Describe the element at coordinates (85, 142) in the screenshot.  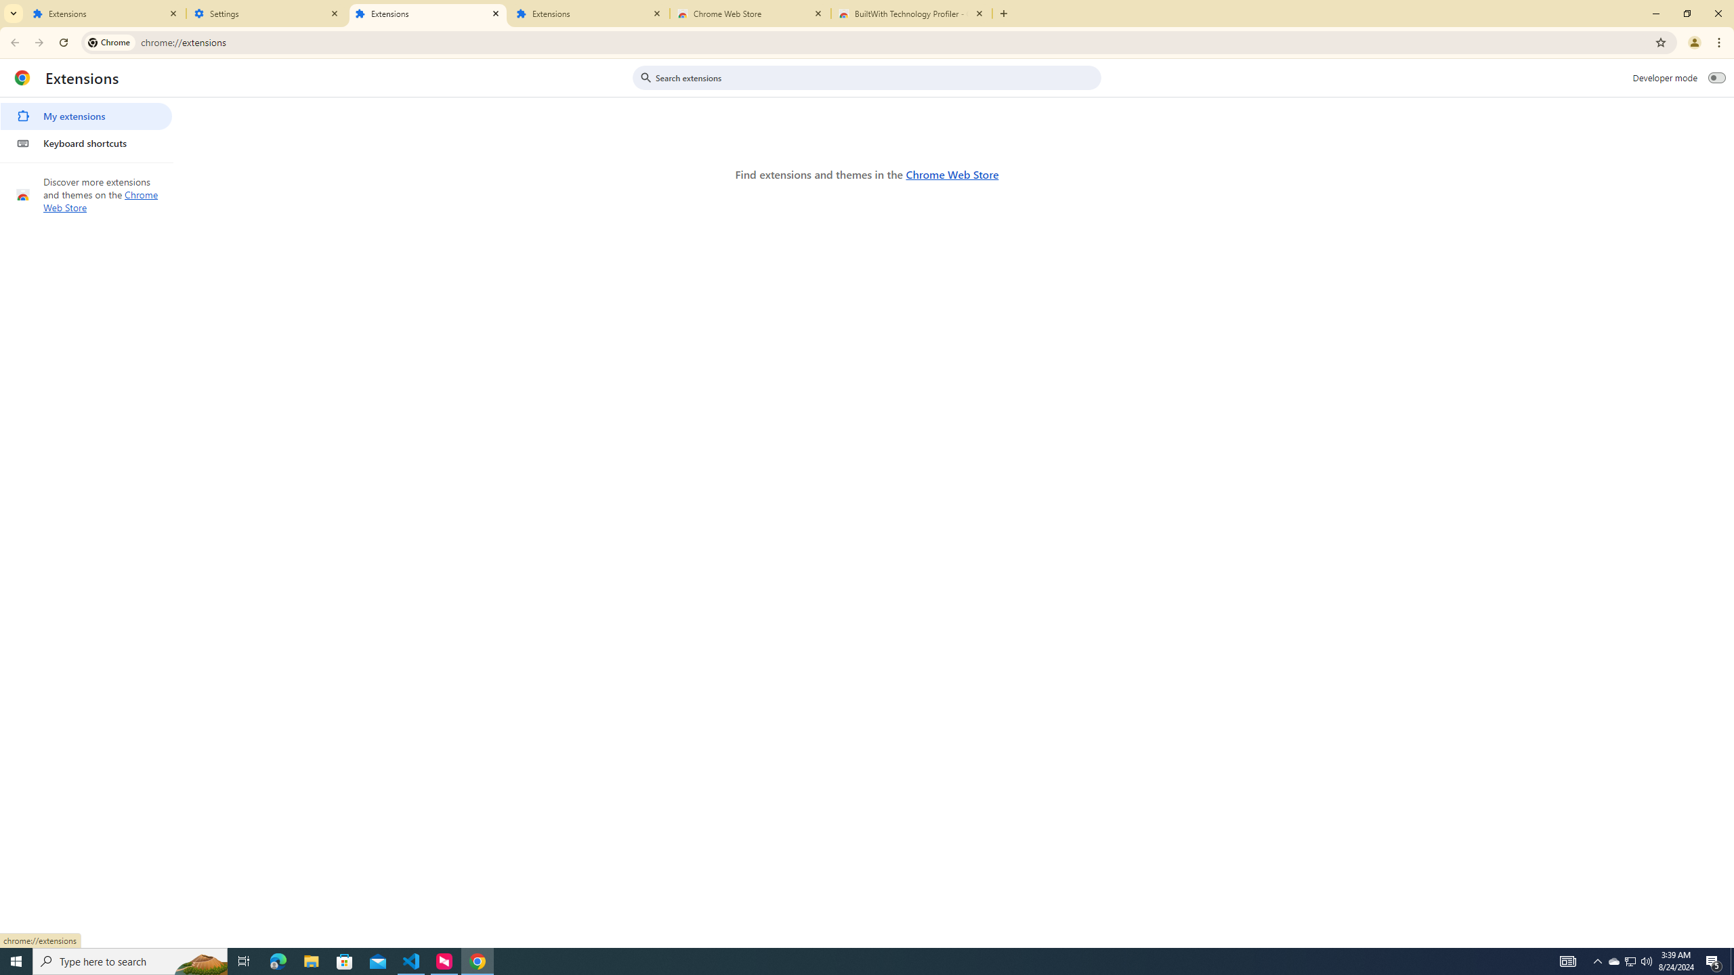
I see `'Keyboard shortcuts'` at that location.